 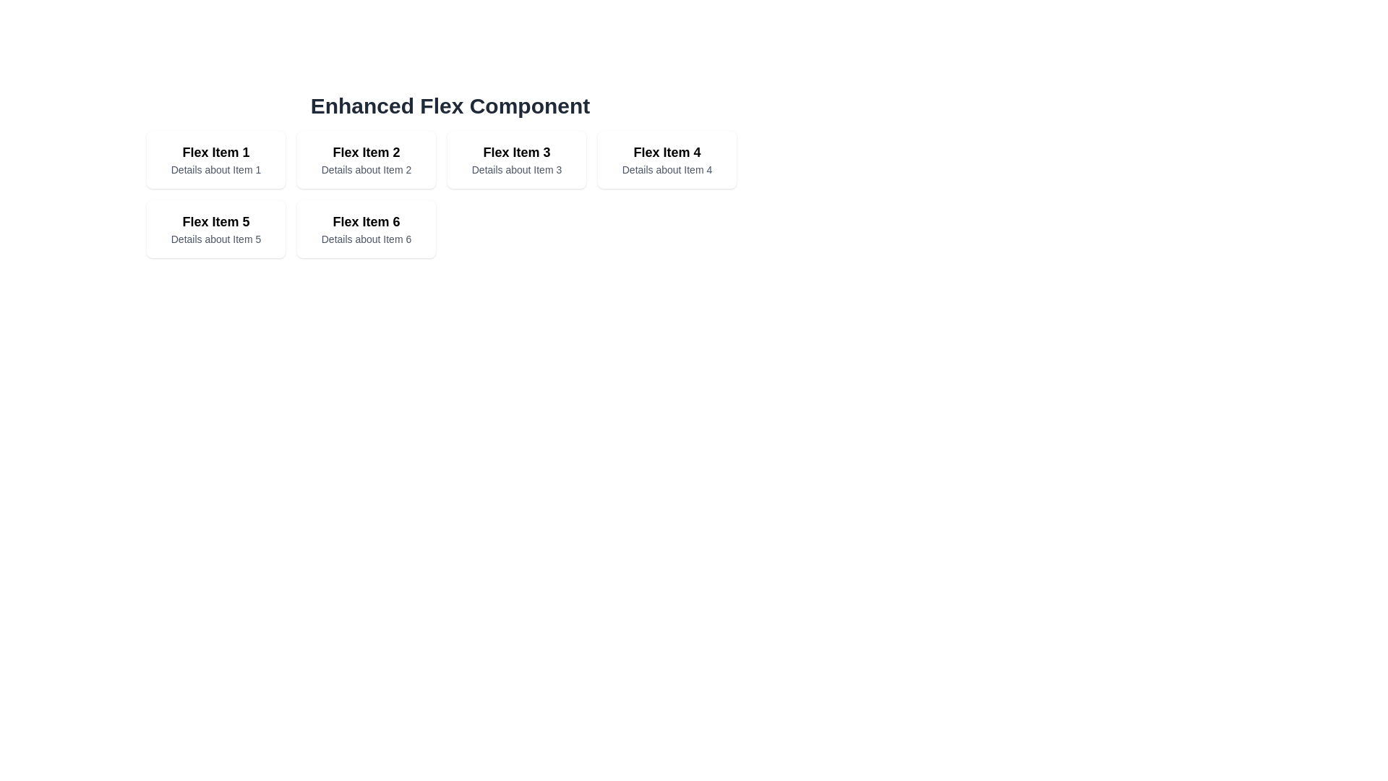 What do you see at coordinates (215, 153) in the screenshot?
I see `the text heading that reads 'Flex Item 1', which is styled with a larger font size and bold weight, located in the top-left quadrant of a grid layout` at bounding box center [215, 153].